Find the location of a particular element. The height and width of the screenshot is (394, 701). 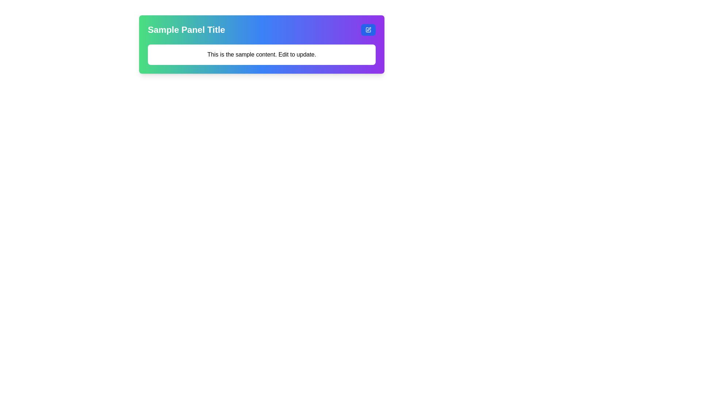

the edit icon located within the blue button at the top-right corner of the panel is located at coordinates (368, 29).